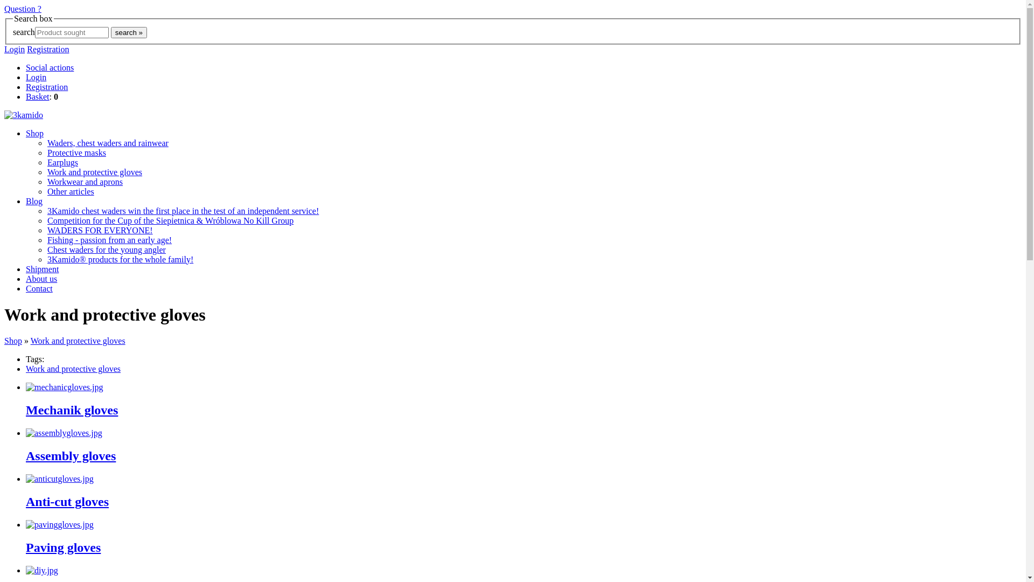  Describe the element at coordinates (66, 501) in the screenshot. I see `'Anti-cut gloves'` at that location.